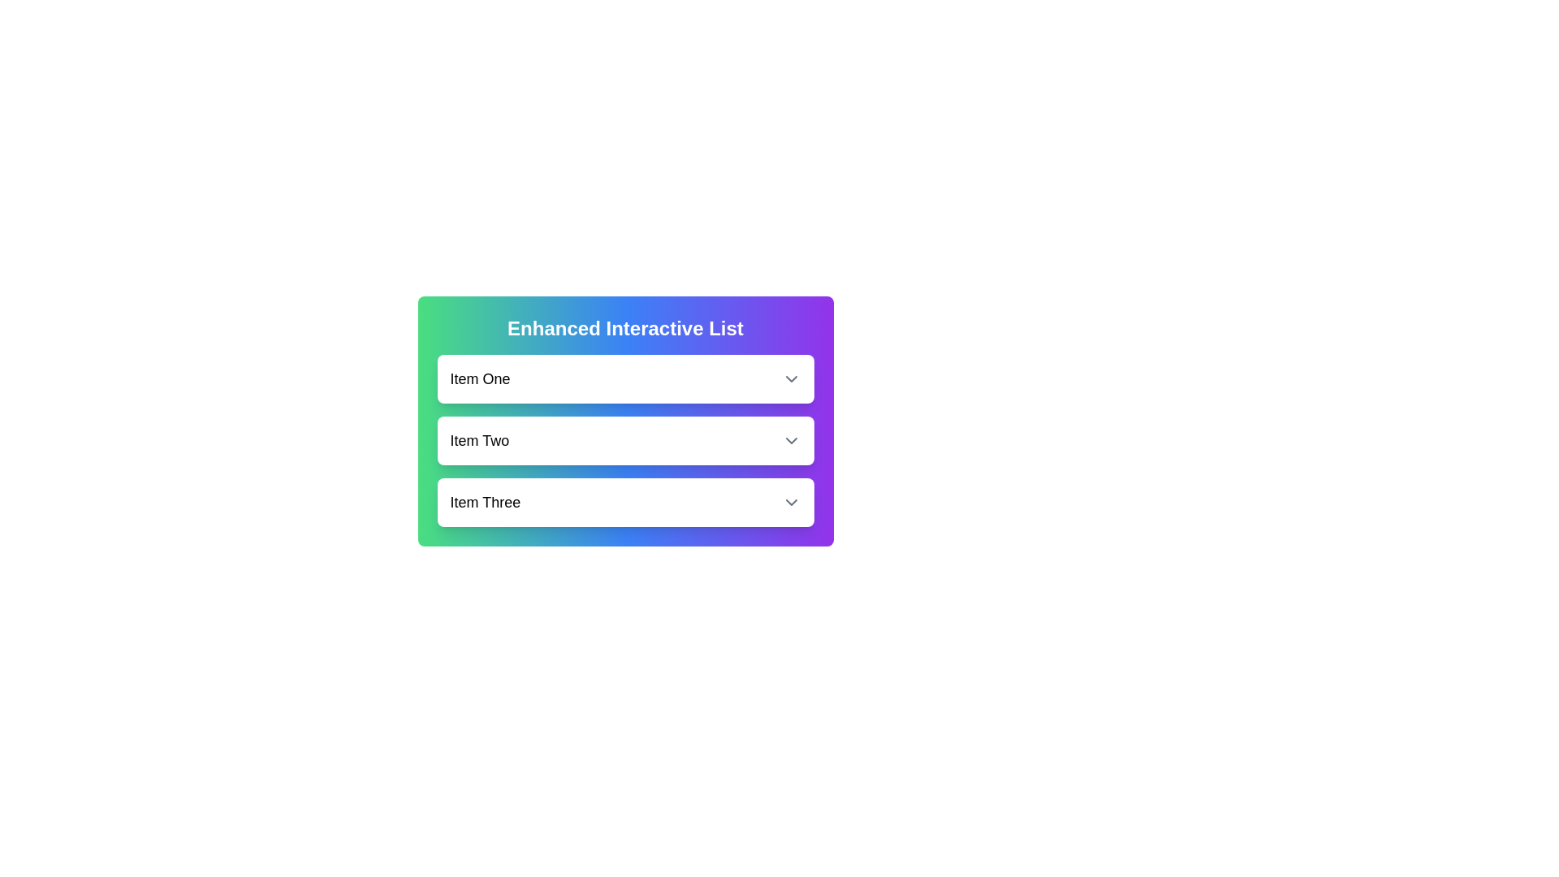 Image resolution: width=1559 pixels, height=877 pixels. I want to click on the first item in the dropdown menu located below the title 'Enhanced Interactive List', so click(624, 378).